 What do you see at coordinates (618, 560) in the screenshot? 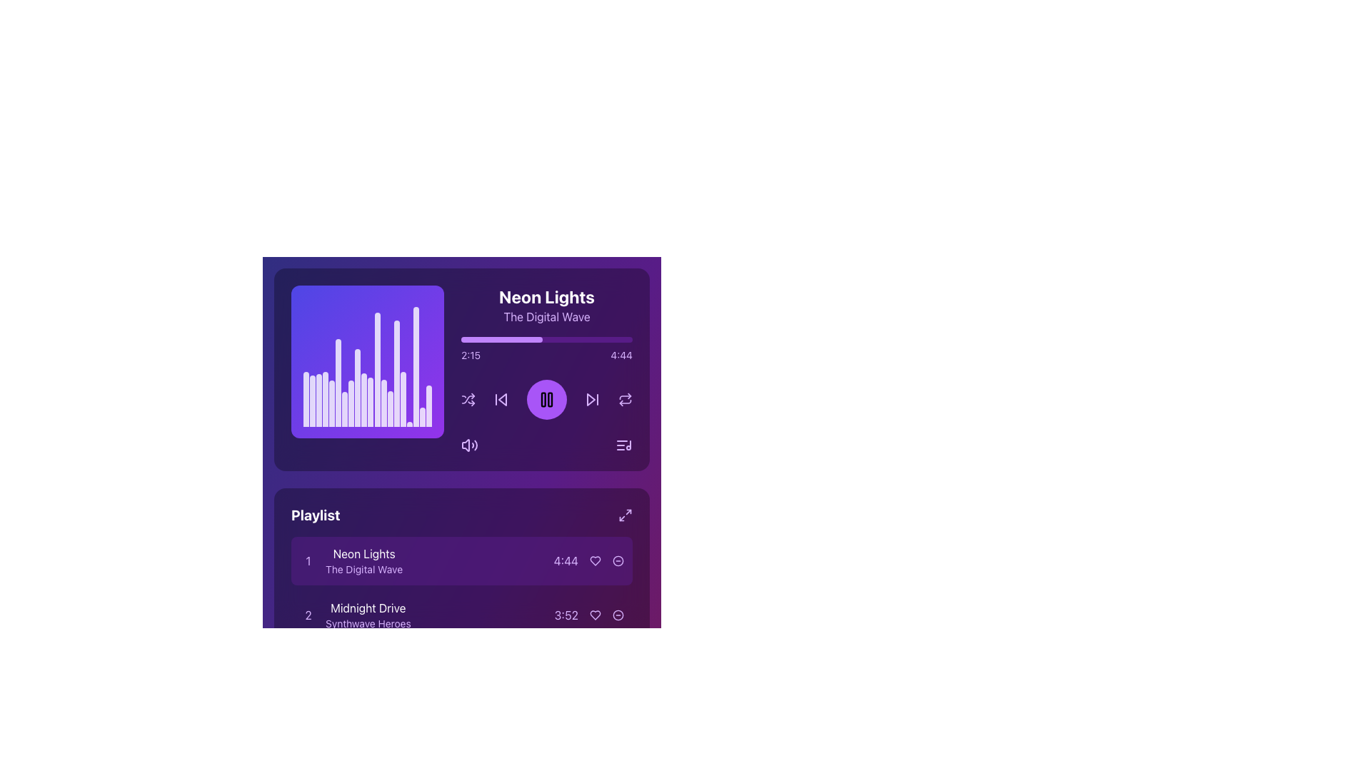
I see `the interactive icon button located in the last column of the playlist row for the song 'Neon Lights'` at bounding box center [618, 560].